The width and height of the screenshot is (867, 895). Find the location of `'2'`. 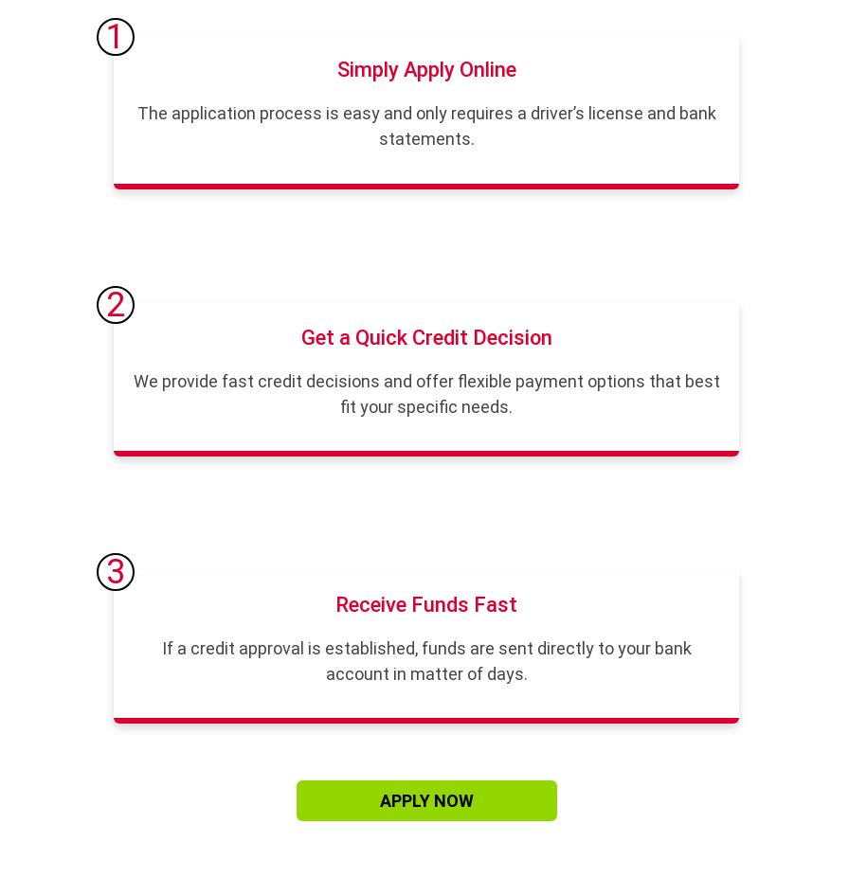

'2' is located at coordinates (115, 304).